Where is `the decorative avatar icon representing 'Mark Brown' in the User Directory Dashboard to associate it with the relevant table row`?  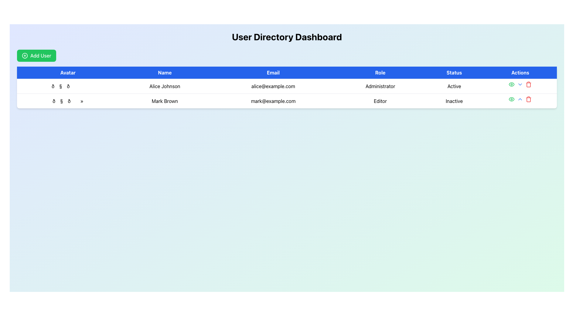 the decorative avatar icon representing 'Mark Brown' in the User Directory Dashboard to associate it with the relevant table row is located at coordinates (68, 101).